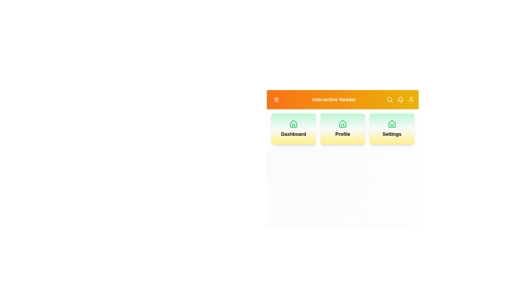 Image resolution: width=511 pixels, height=287 pixels. I want to click on the user icon to observe its hover effect, so click(411, 99).